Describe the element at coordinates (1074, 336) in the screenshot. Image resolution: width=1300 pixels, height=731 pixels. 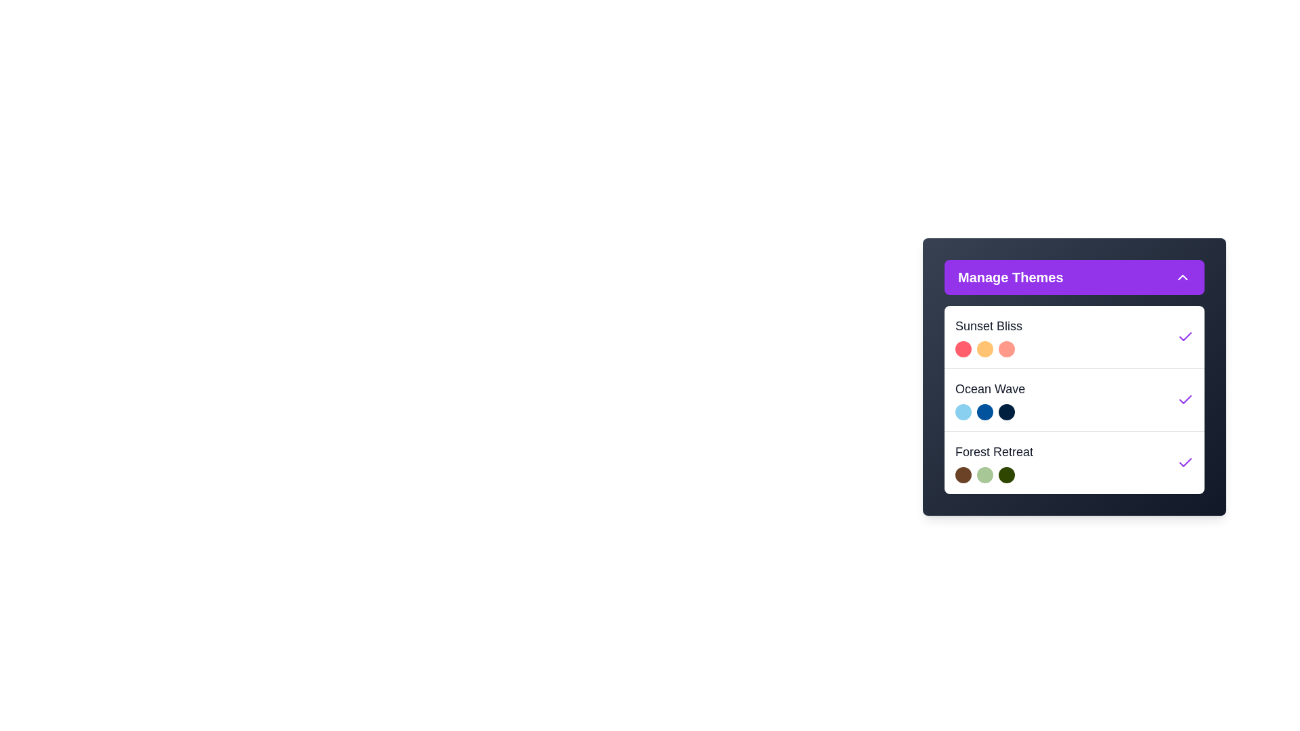
I see `the theme Sunset Bliss to highlight it` at that location.